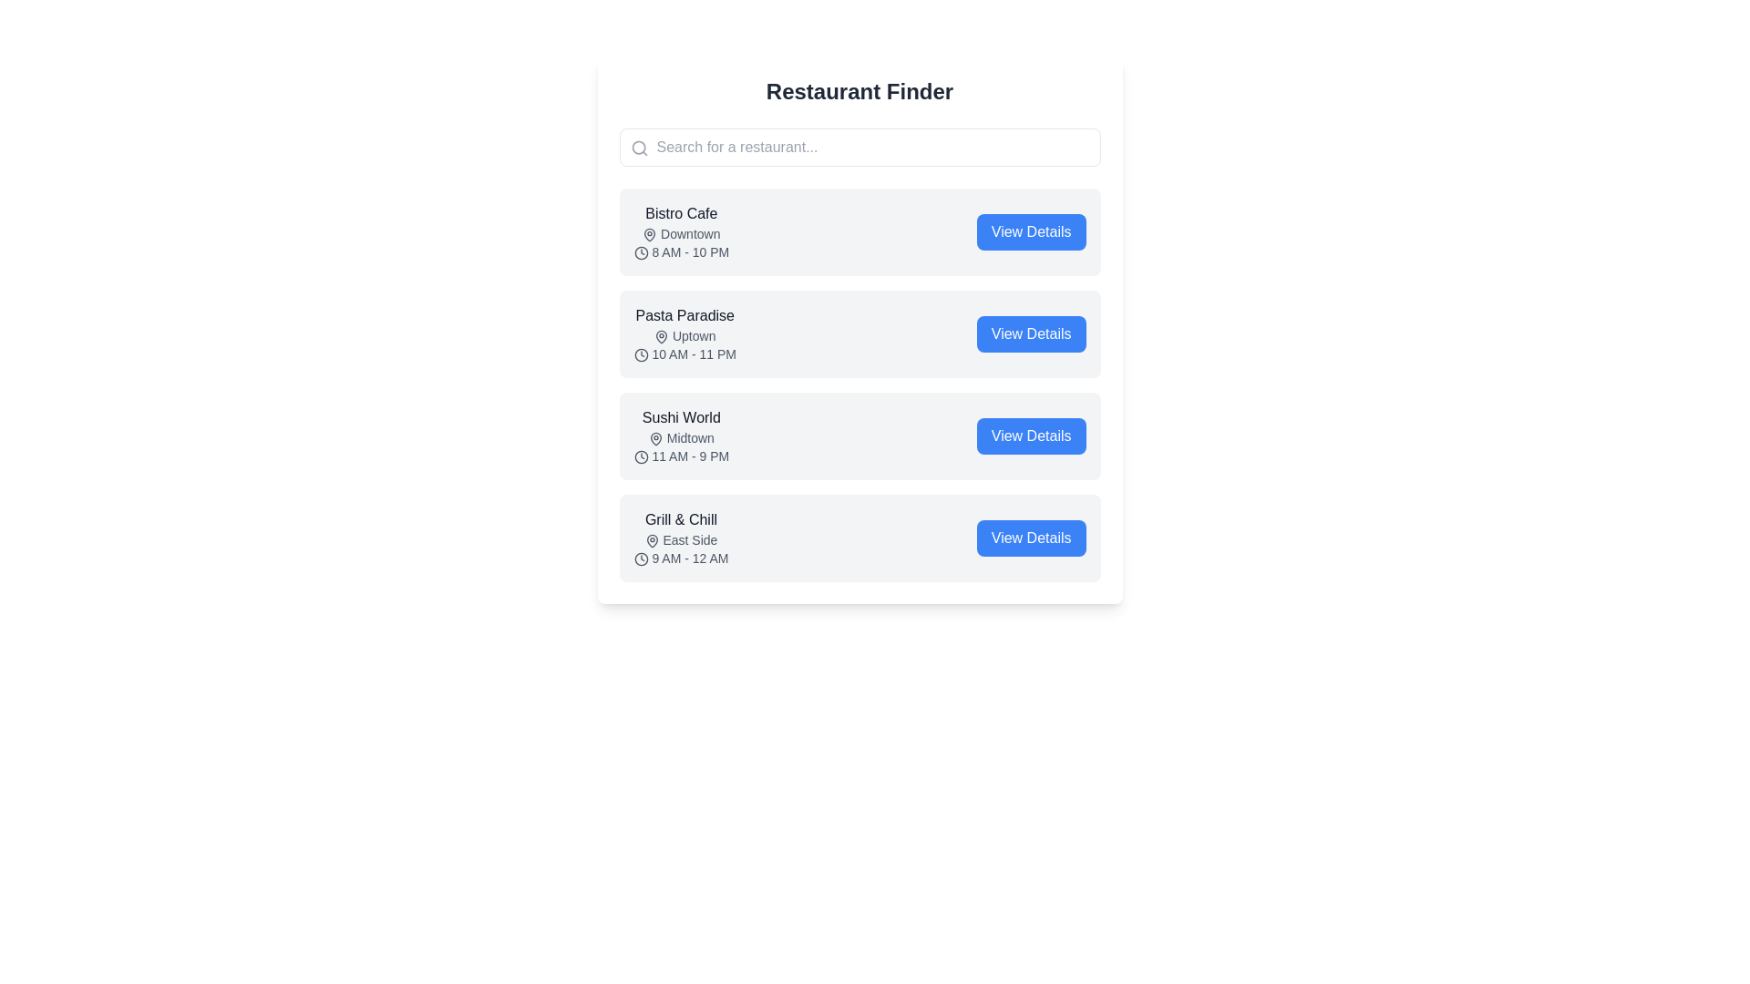  I want to click on the button on the right side of the 'Pasta Paradise' listing in the 'Restaurant Finder' interface, so click(1031, 333).